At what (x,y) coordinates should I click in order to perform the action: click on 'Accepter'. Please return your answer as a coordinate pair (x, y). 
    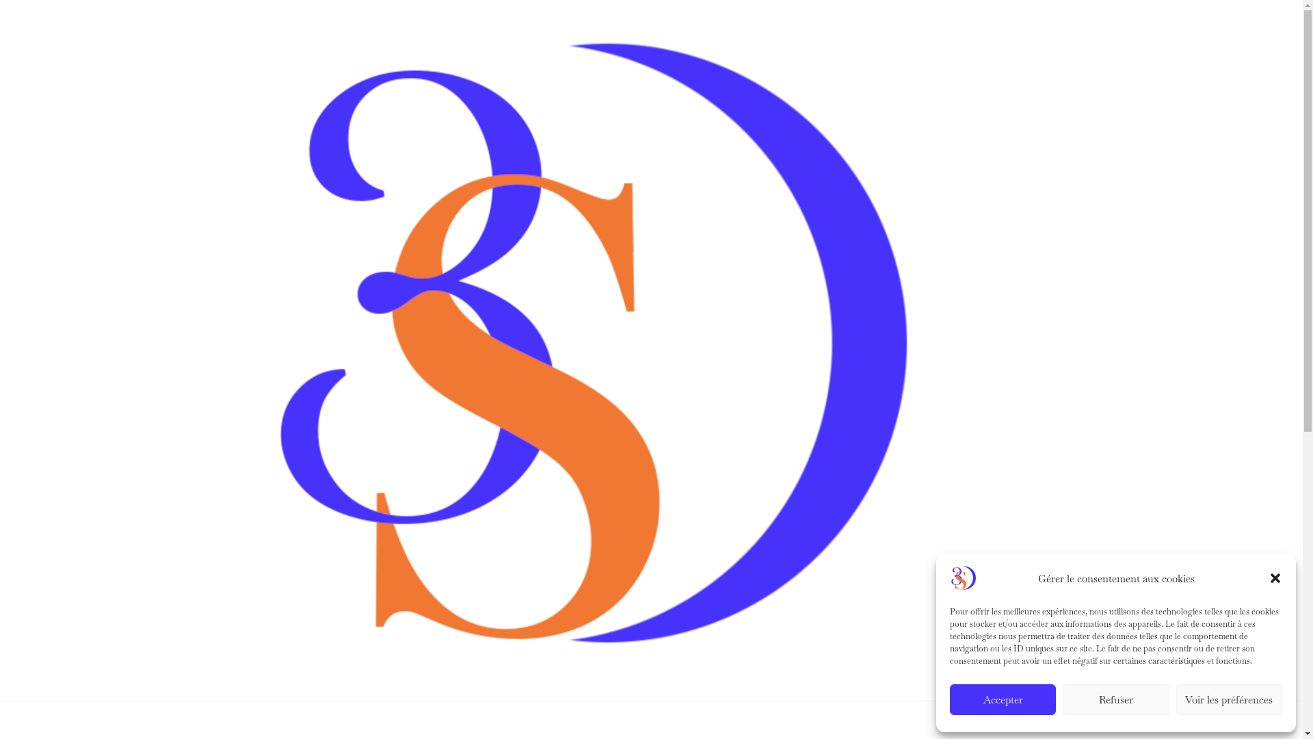
    Looking at the image, I should click on (1003, 699).